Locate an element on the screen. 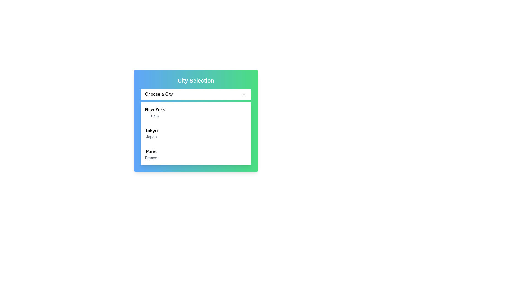 This screenshot has height=298, width=530. the second item in the 'Choose a City' dropdown menu, which describes a city and its corresponding country, by clicking on it is located at coordinates (196, 133).